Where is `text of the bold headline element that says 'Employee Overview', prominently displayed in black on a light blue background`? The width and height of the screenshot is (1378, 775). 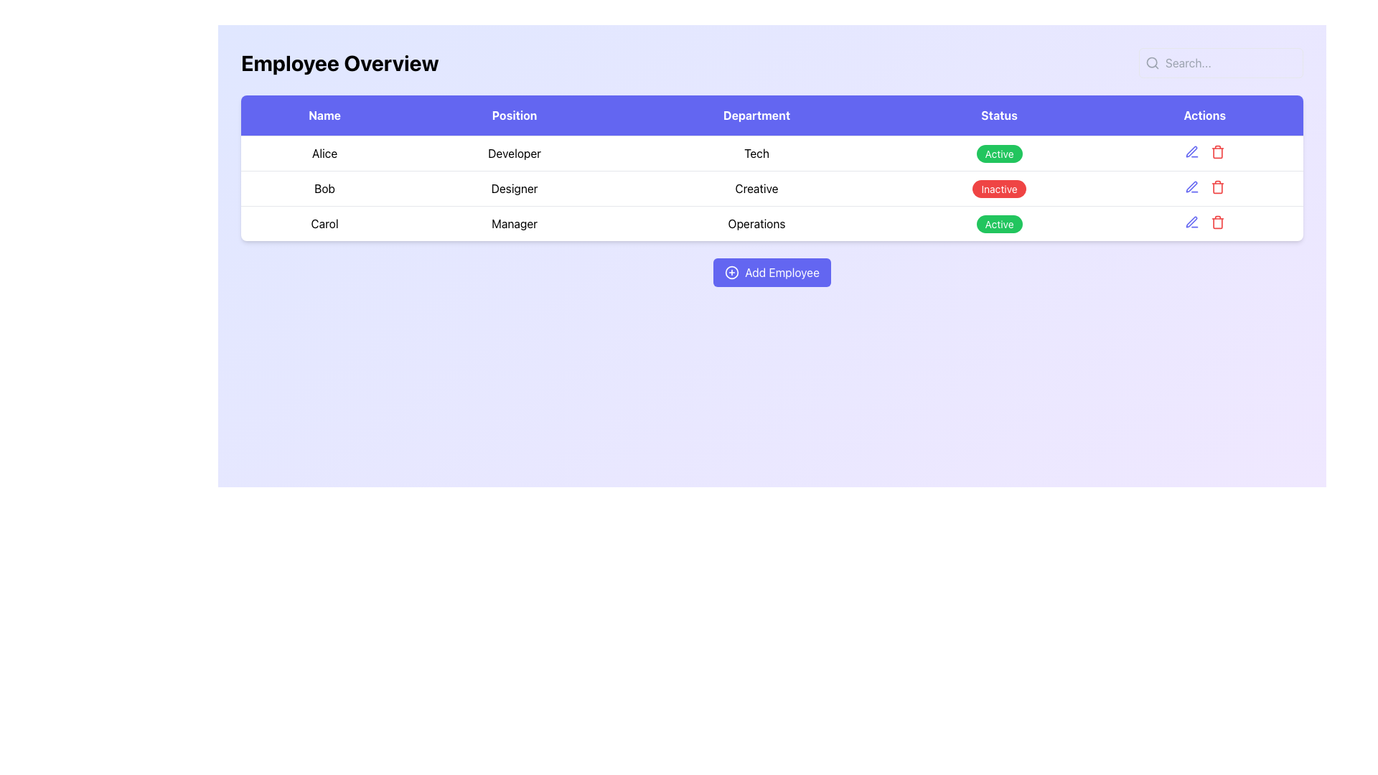 text of the bold headline element that says 'Employee Overview', prominently displayed in black on a light blue background is located at coordinates (339, 62).